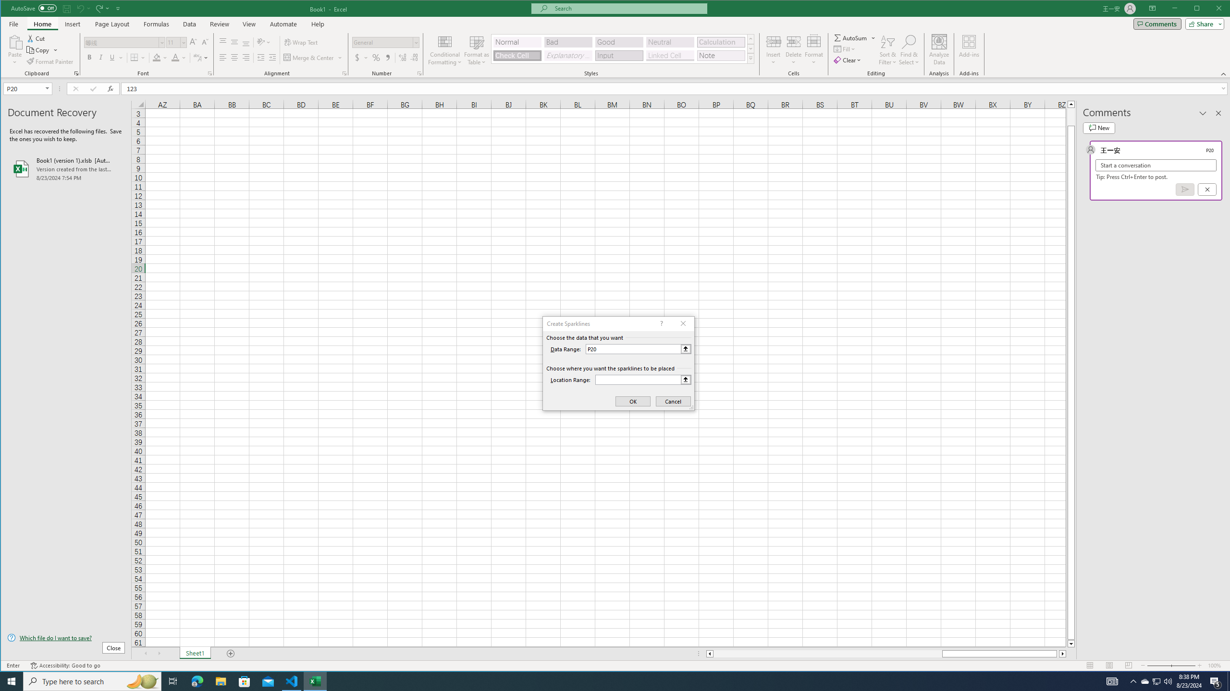 This screenshot has width=1230, height=691. Describe the element at coordinates (313, 57) in the screenshot. I see `'Merge & Center'` at that location.